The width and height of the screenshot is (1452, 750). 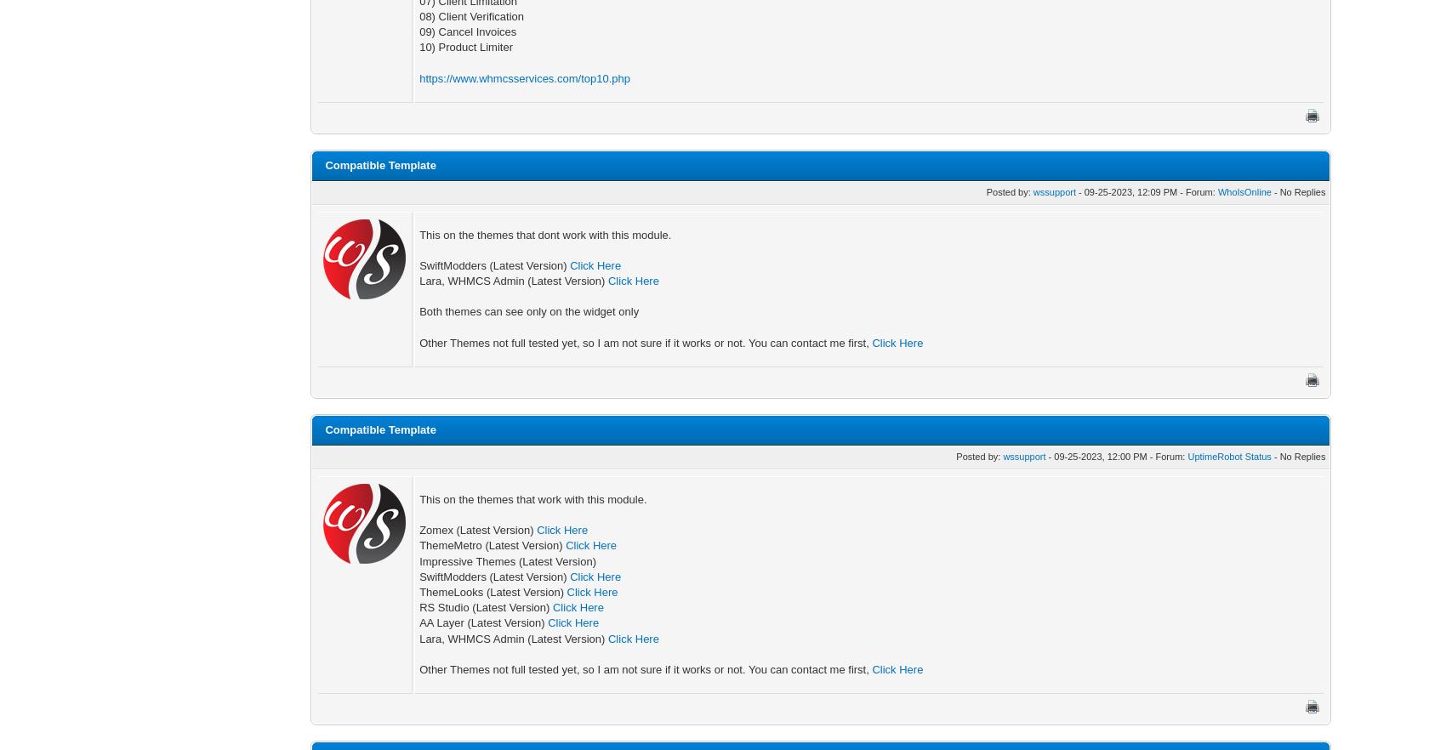 What do you see at coordinates (485, 607) in the screenshot?
I see `'RS Studio (Latest Version)'` at bounding box center [485, 607].